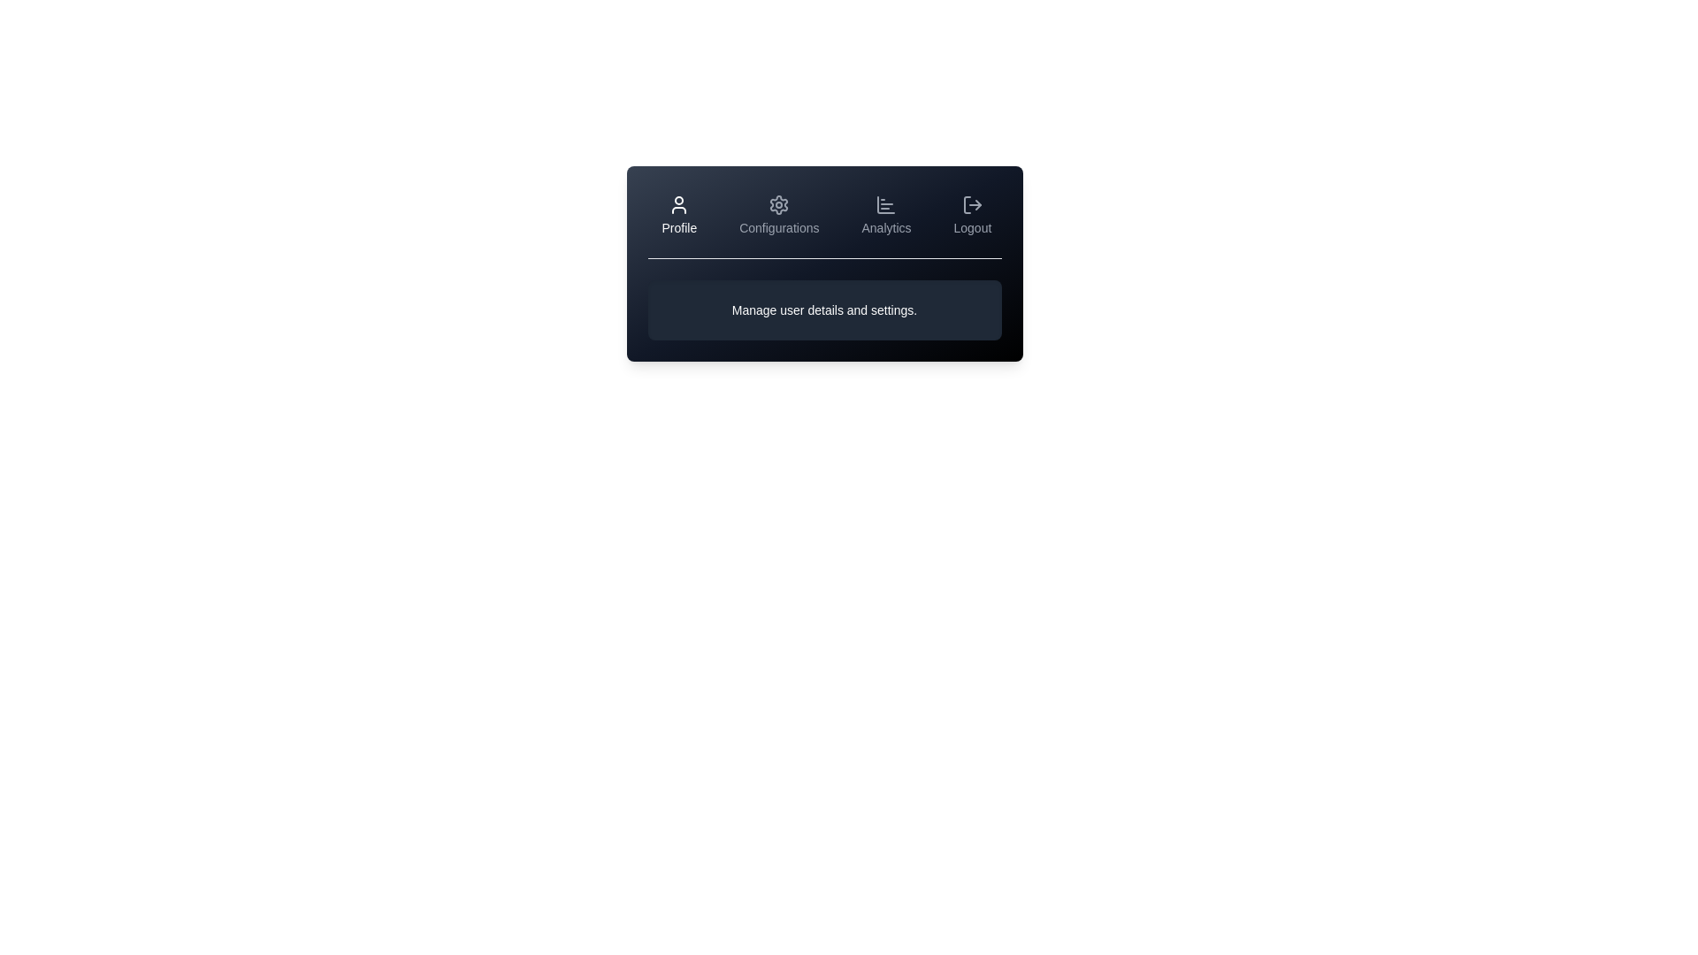 The width and height of the screenshot is (1698, 955). What do you see at coordinates (886, 214) in the screenshot?
I see `the Analytics tab to view its content` at bounding box center [886, 214].